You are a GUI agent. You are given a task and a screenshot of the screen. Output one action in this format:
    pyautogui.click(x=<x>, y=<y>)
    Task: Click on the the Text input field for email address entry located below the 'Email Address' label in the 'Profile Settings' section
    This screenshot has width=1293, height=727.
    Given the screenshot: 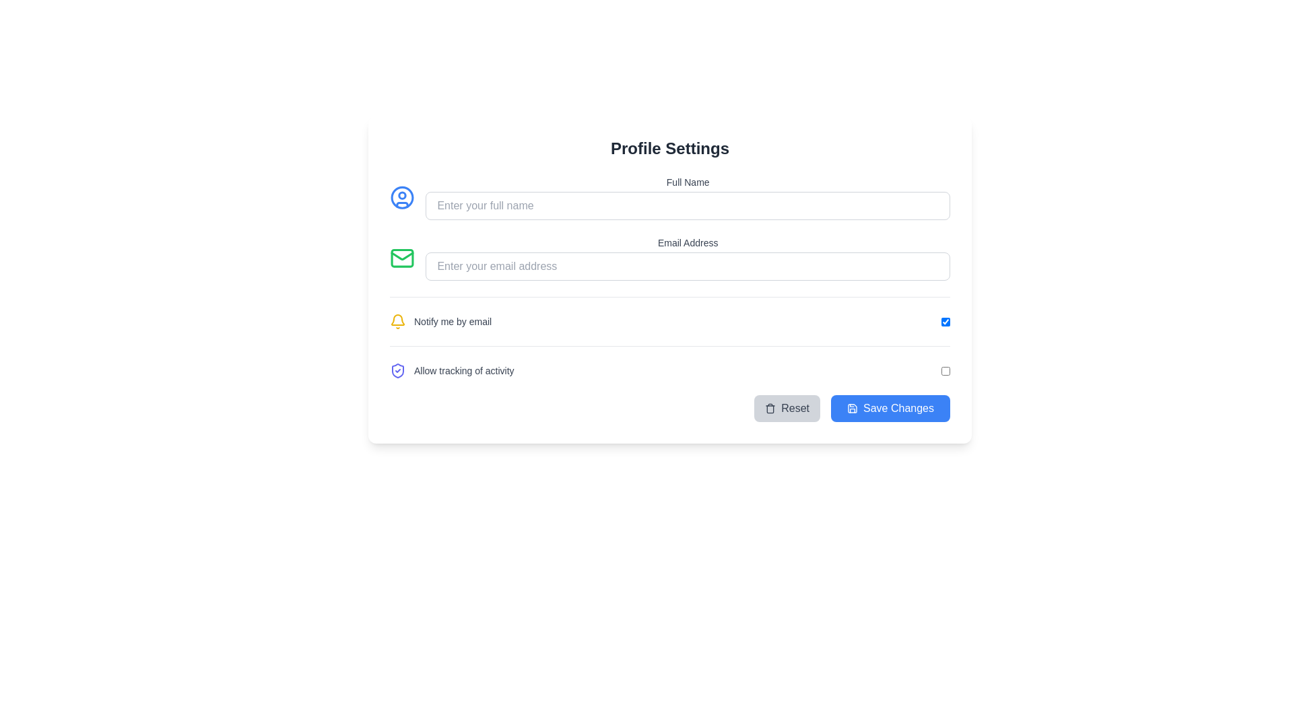 What is the action you would take?
    pyautogui.click(x=688, y=267)
    